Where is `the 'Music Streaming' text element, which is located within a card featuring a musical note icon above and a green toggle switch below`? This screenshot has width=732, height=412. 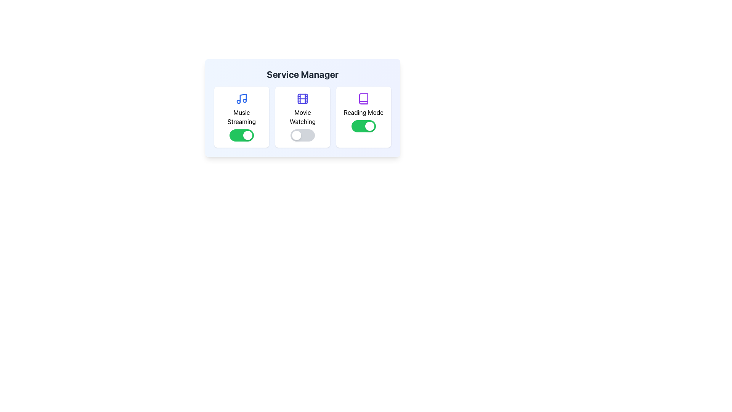
the 'Music Streaming' text element, which is located within a card featuring a musical note icon above and a green toggle switch below is located at coordinates (241, 117).